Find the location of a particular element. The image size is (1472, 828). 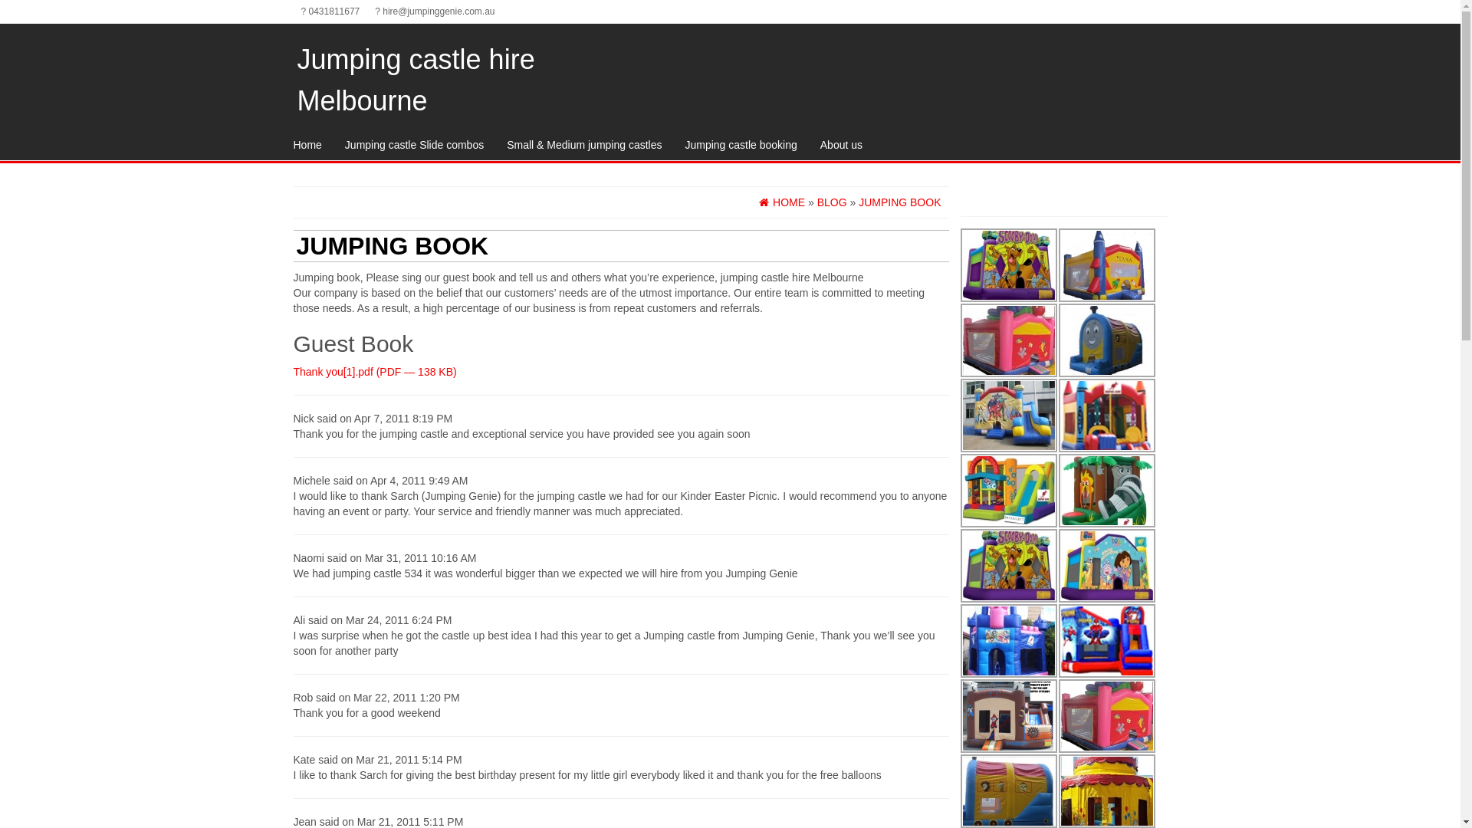

'About us' is located at coordinates (840, 145).